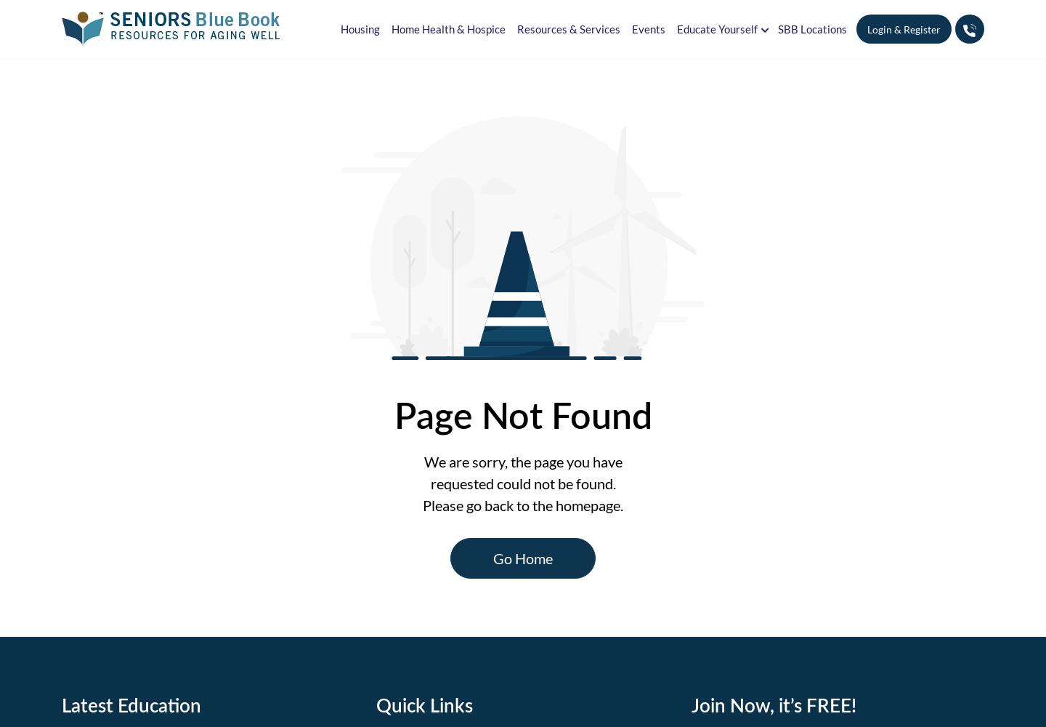  I want to click on 'We are sorry, the page you have requested could not be found. Please go back to the homepage.', so click(523, 483).